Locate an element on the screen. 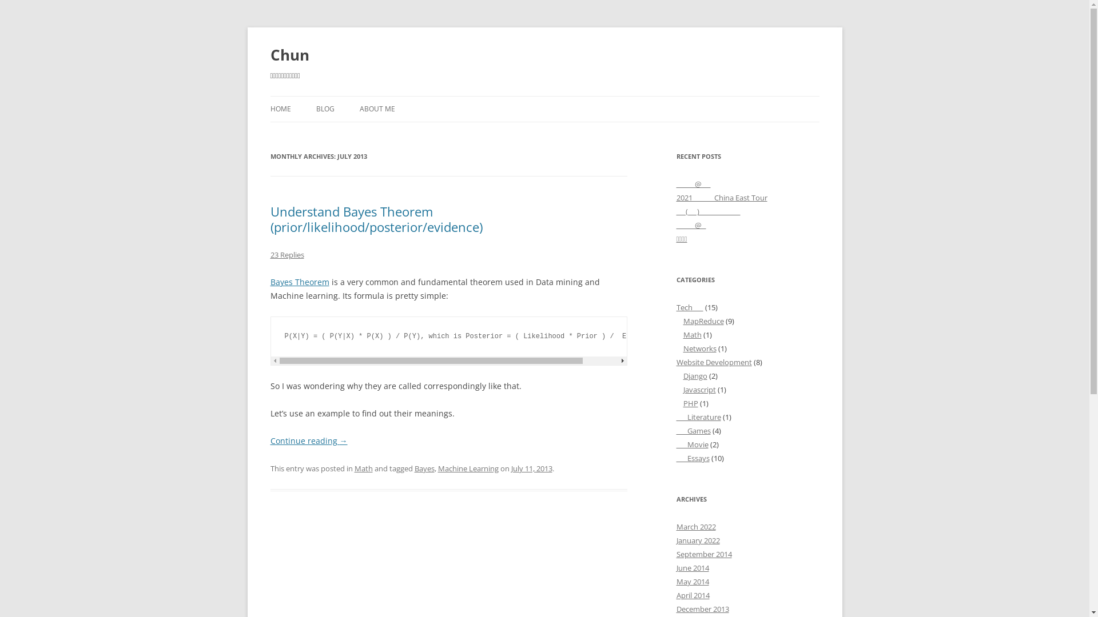 The width and height of the screenshot is (1098, 617). 'BLOG' is located at coordinates (324, 109).